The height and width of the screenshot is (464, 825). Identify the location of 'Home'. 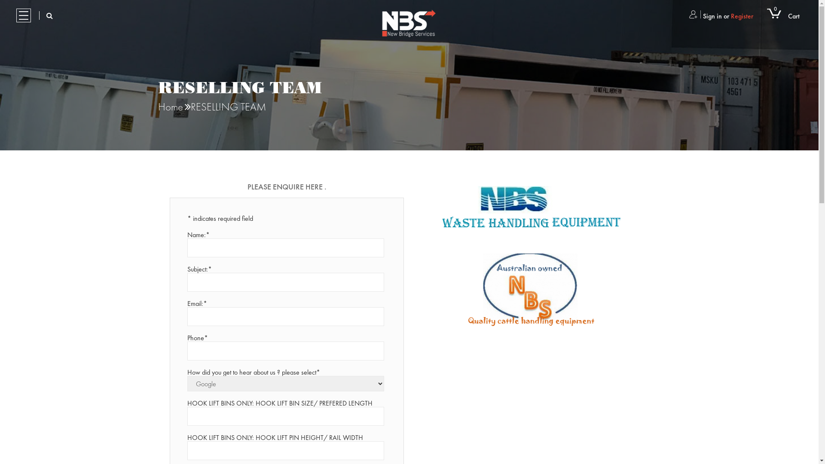
(158, 106).